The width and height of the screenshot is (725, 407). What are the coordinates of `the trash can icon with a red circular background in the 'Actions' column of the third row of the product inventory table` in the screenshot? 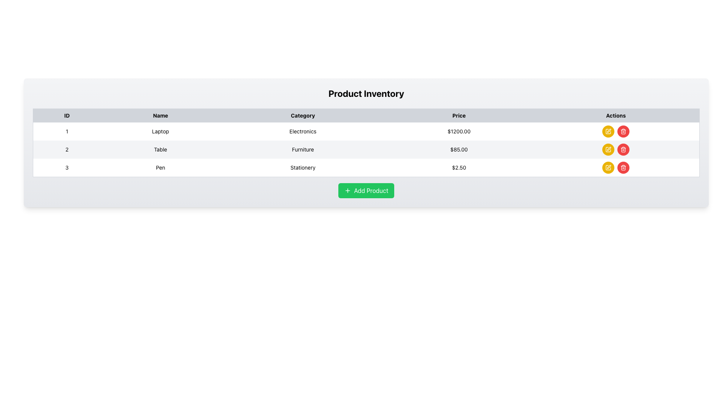 It's located at (623, 167).